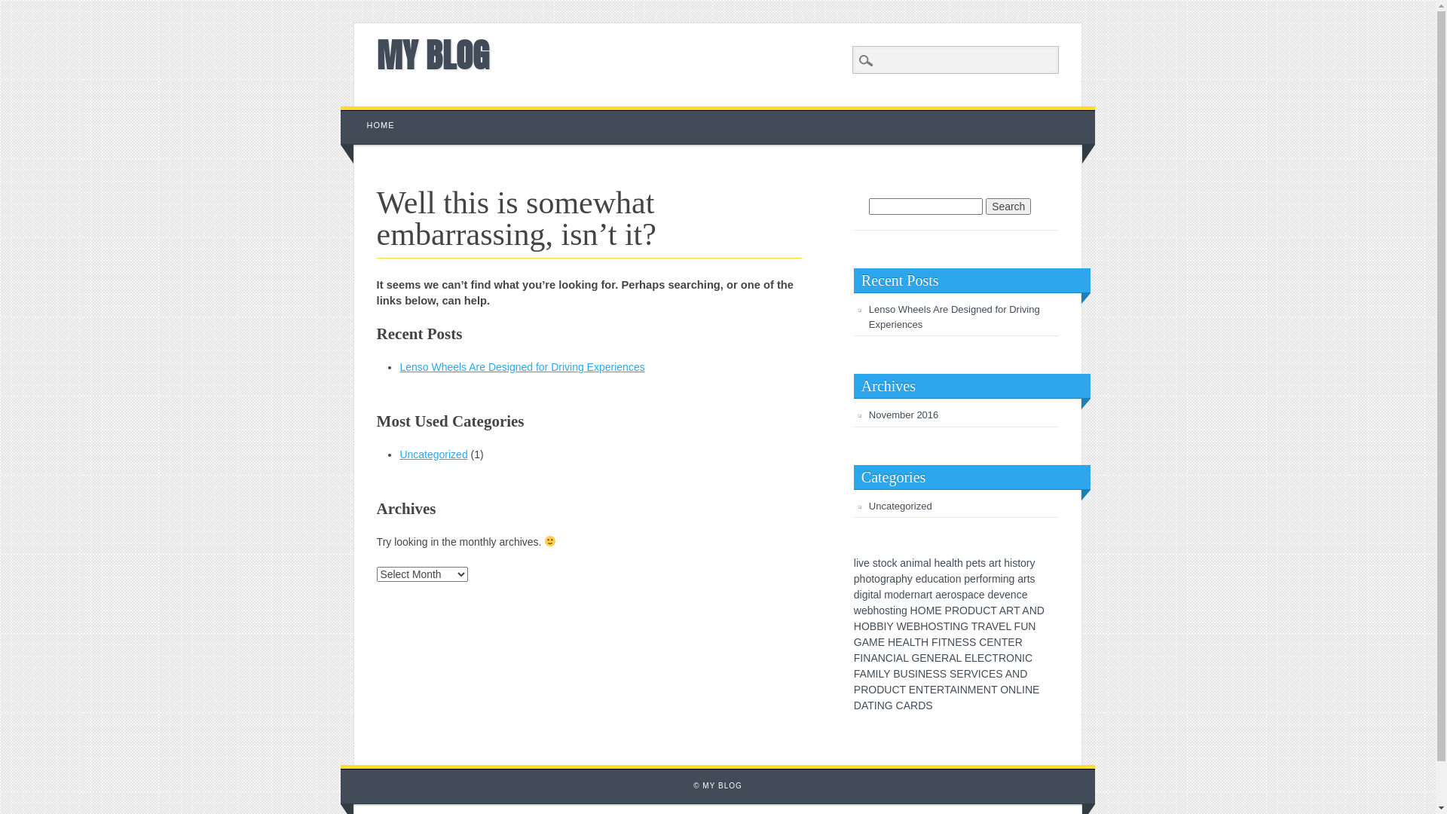  What do you see at coordinates (993, 594) in the screenshot?
I see `'e'` at bounding box center [993, 594].